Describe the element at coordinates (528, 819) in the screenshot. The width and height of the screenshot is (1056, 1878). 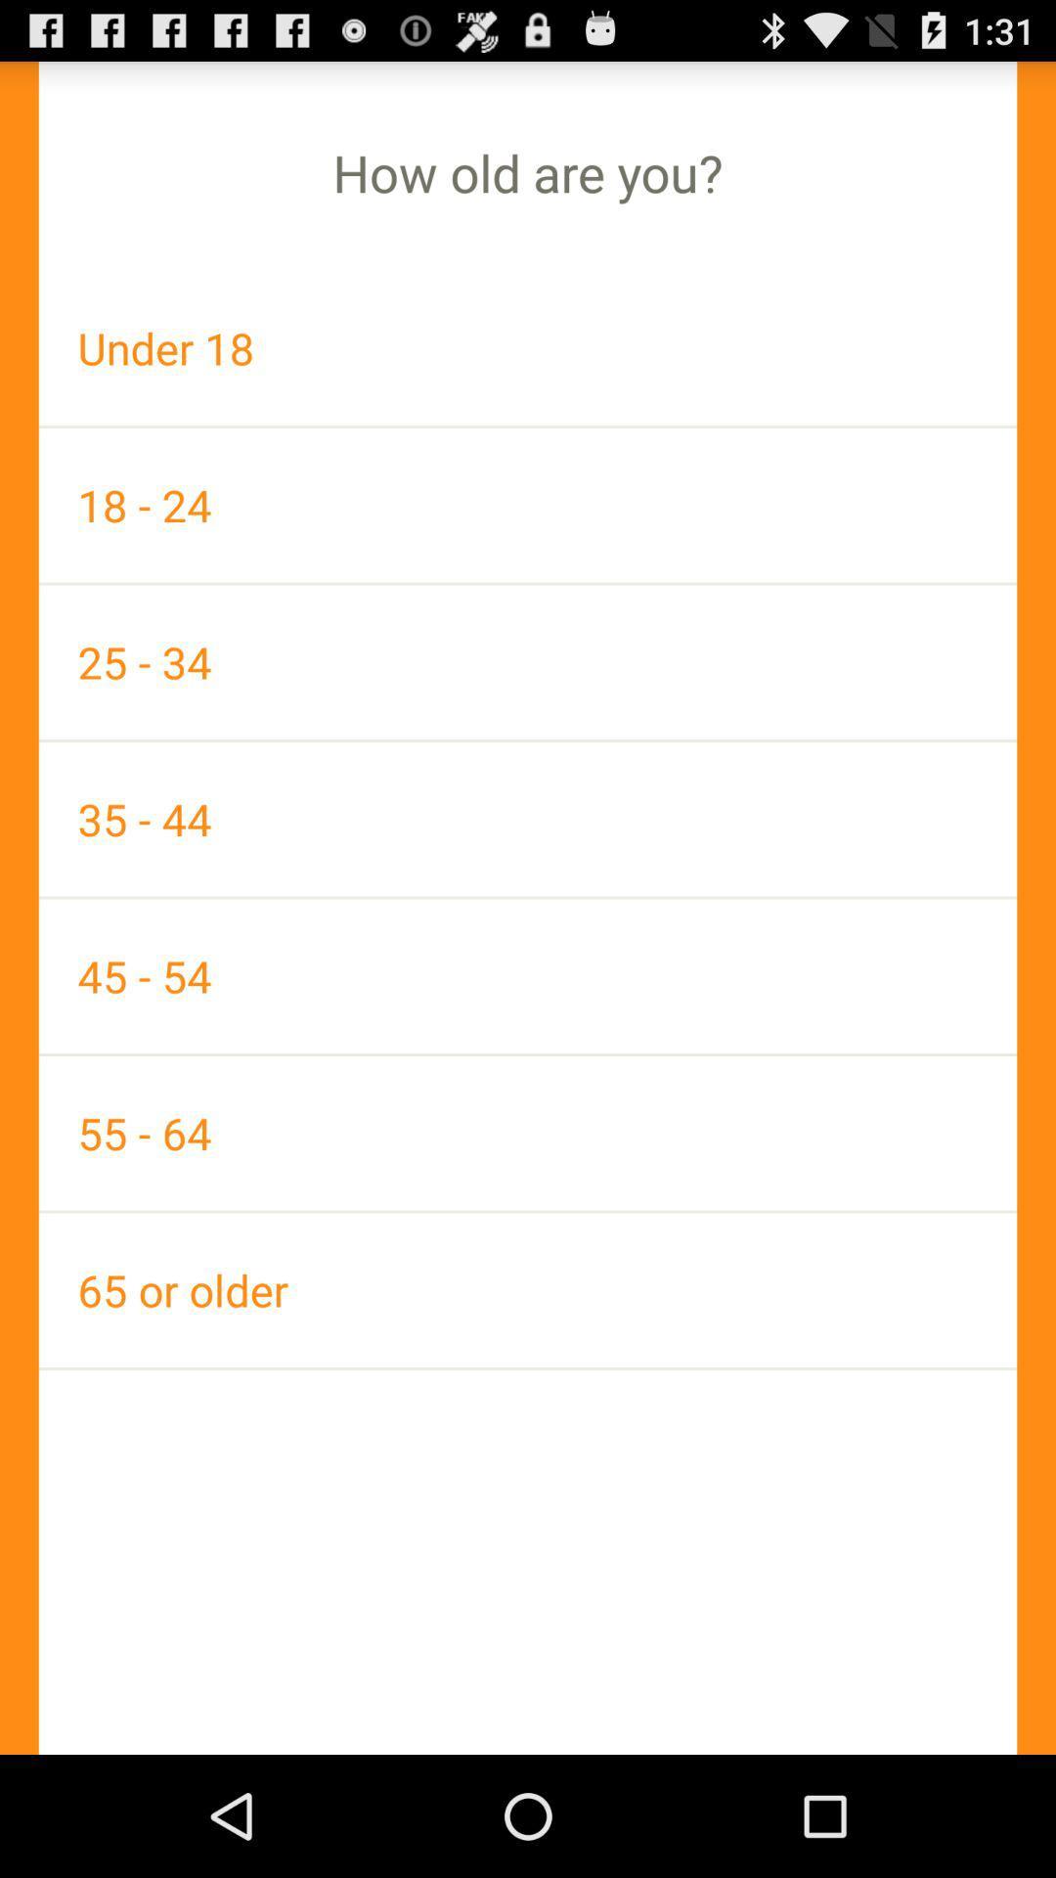
I see `the 35 - 44 app` at that location.